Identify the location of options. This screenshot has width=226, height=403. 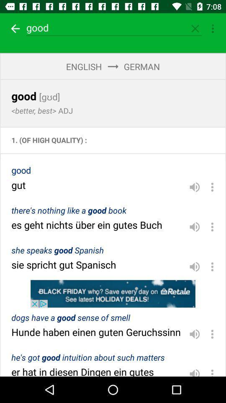
(212, 266).